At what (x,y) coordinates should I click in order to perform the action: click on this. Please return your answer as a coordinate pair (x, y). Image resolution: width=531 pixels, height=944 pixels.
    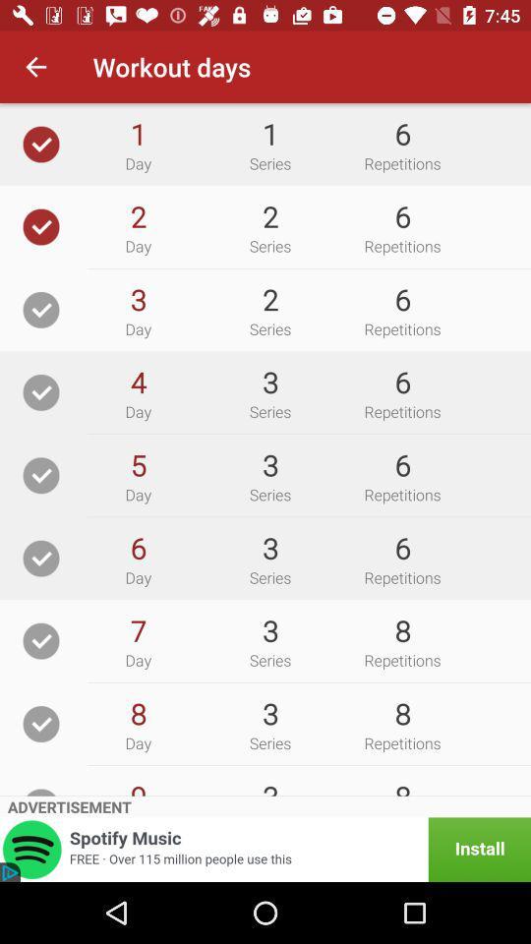
    Looking at the image, I should click on (41, 723).